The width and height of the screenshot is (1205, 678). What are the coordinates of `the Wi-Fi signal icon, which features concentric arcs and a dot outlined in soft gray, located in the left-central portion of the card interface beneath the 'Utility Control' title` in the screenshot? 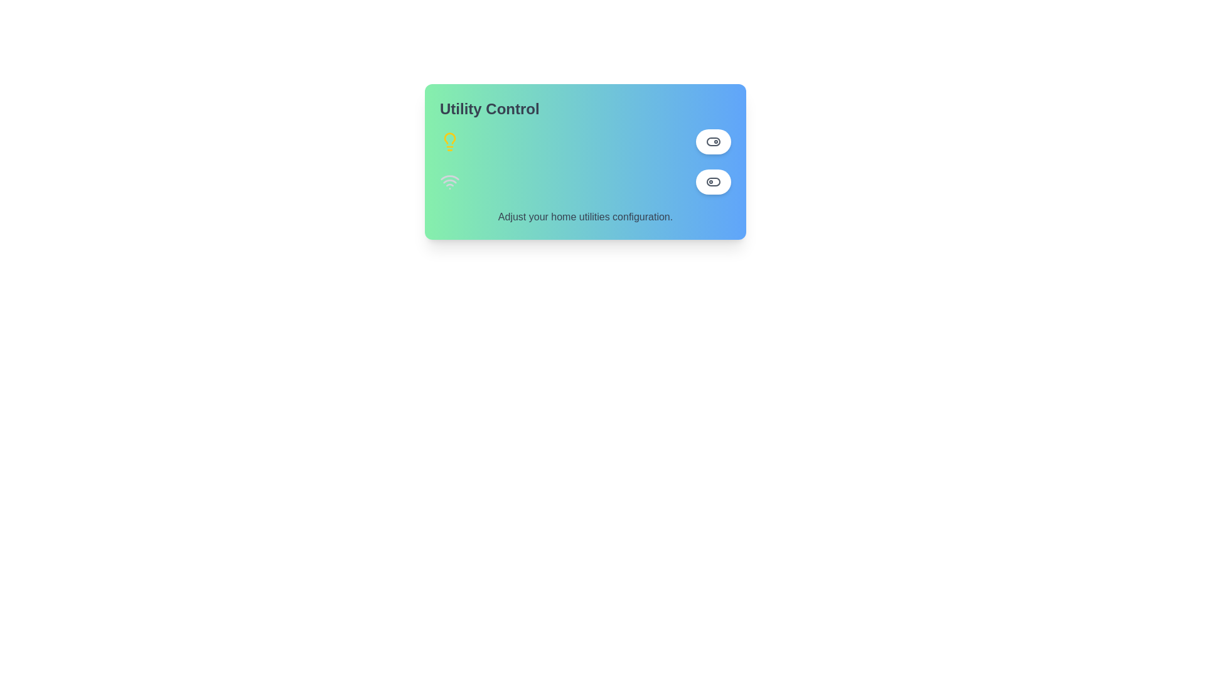 It's located at (449, 181).